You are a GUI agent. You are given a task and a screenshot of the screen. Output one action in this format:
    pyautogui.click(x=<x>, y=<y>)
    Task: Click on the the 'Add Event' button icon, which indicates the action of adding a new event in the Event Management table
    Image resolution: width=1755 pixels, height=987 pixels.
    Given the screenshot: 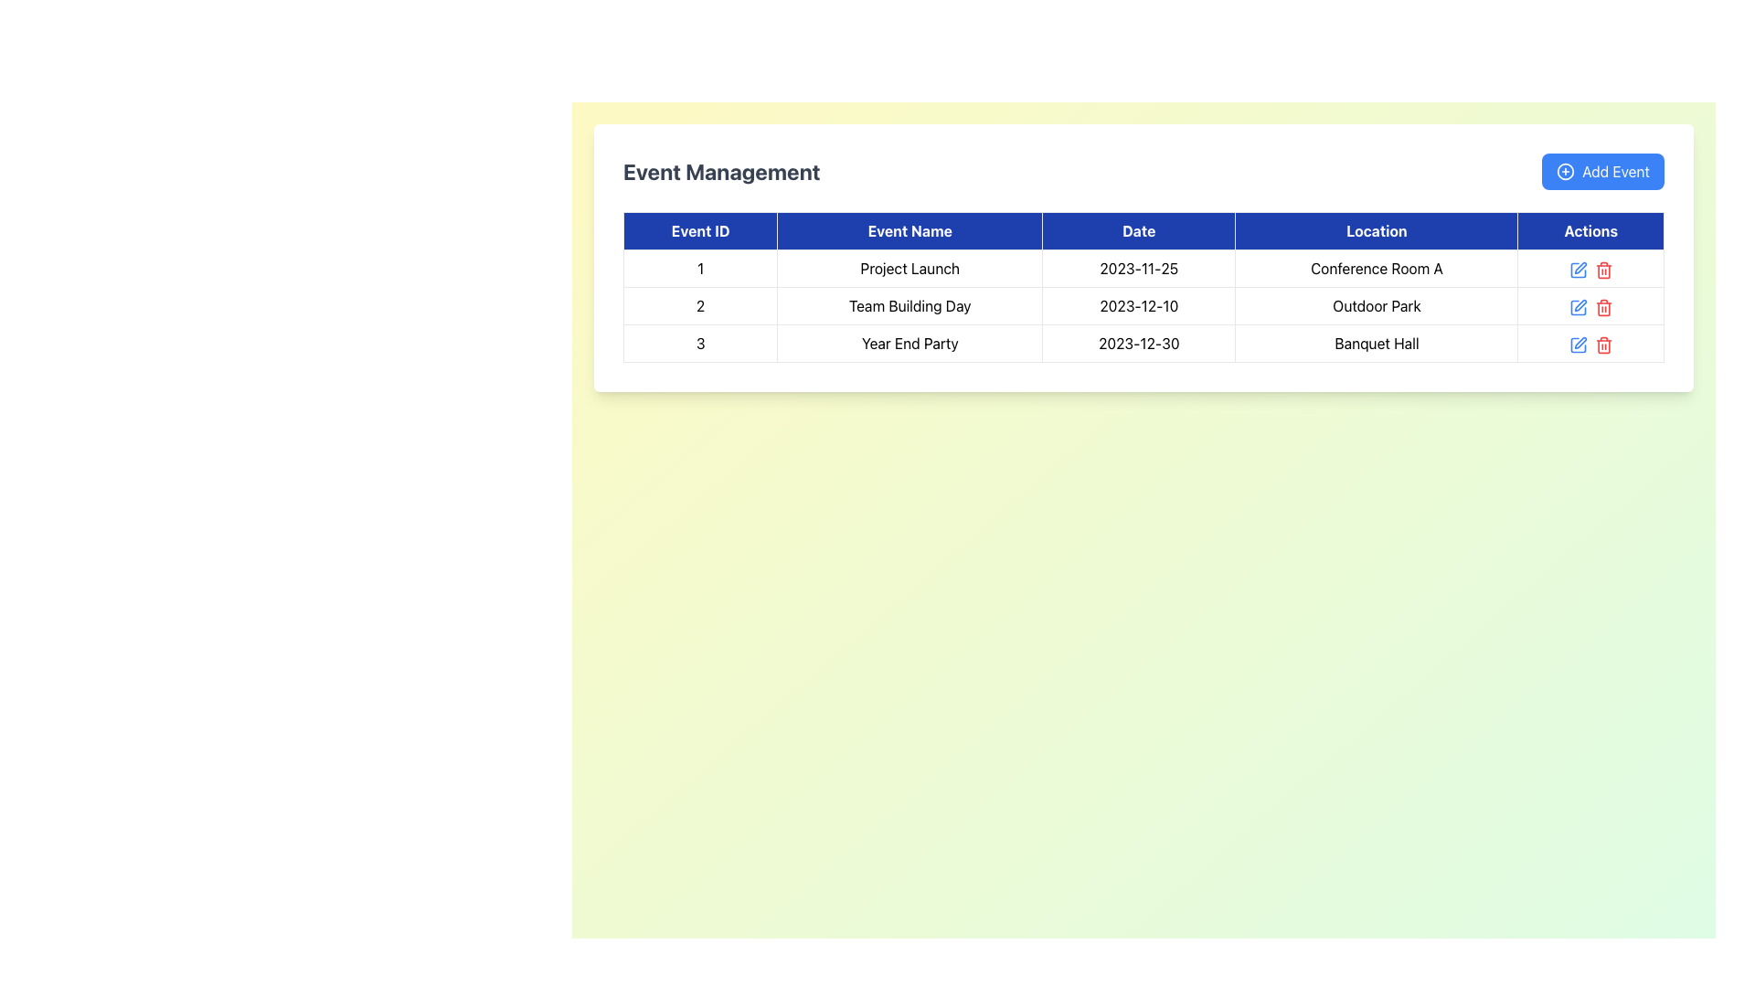 What is the action you would take?
    pyautogui.click(x=1565, y=172)
    